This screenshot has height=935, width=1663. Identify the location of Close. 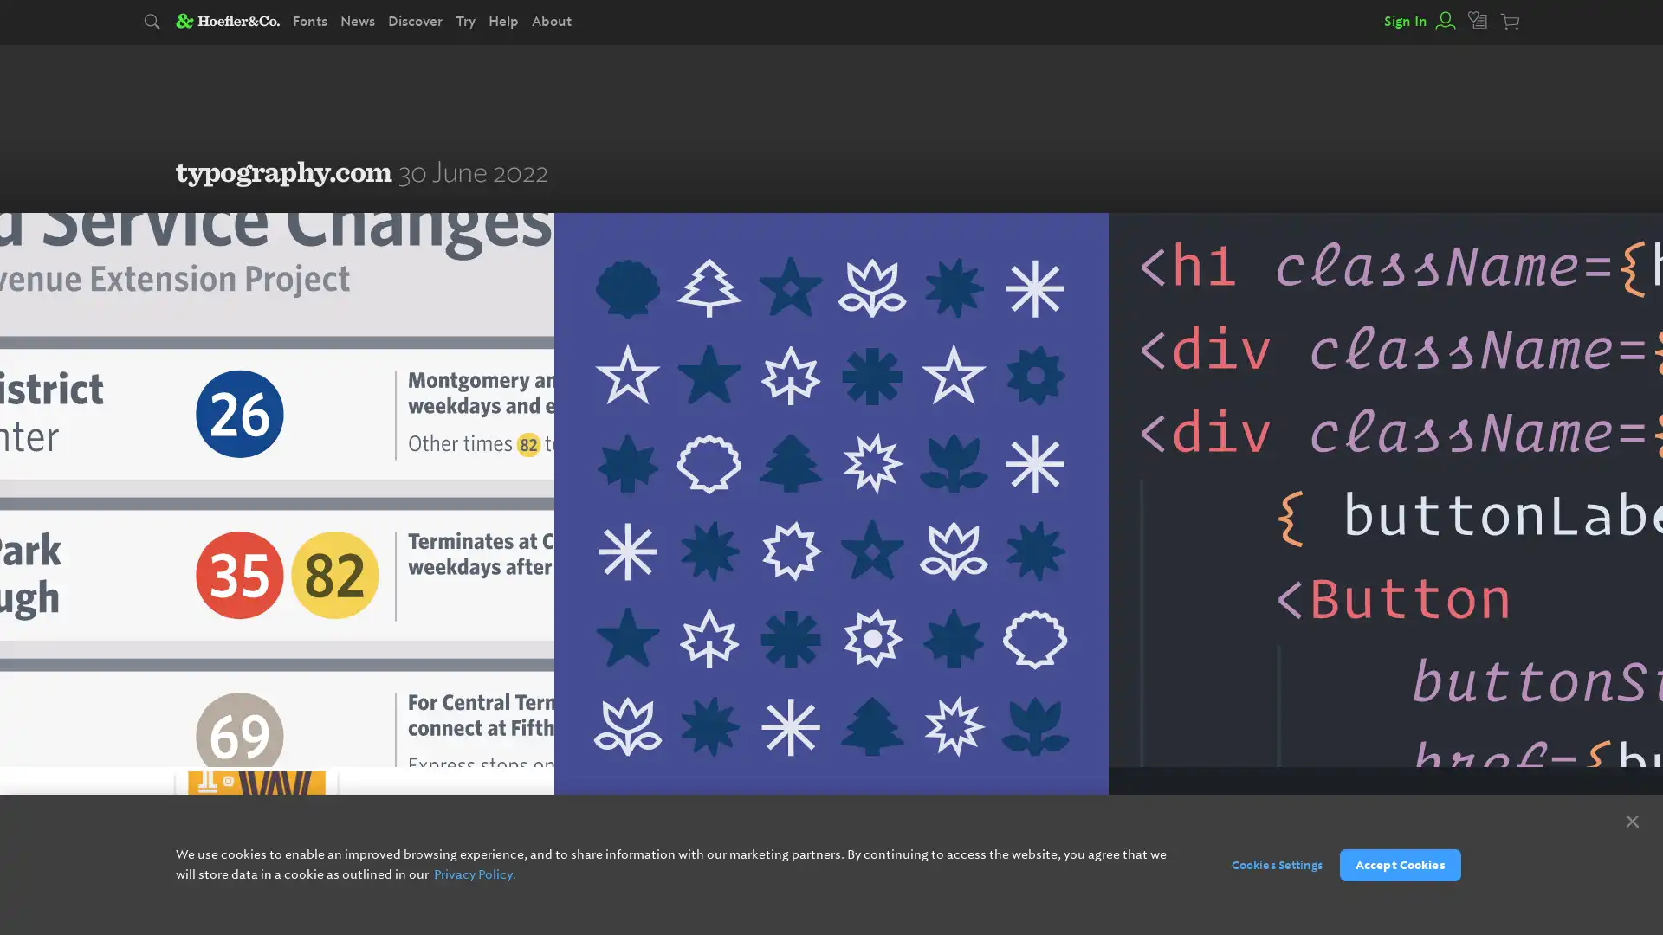
(1631, 820).